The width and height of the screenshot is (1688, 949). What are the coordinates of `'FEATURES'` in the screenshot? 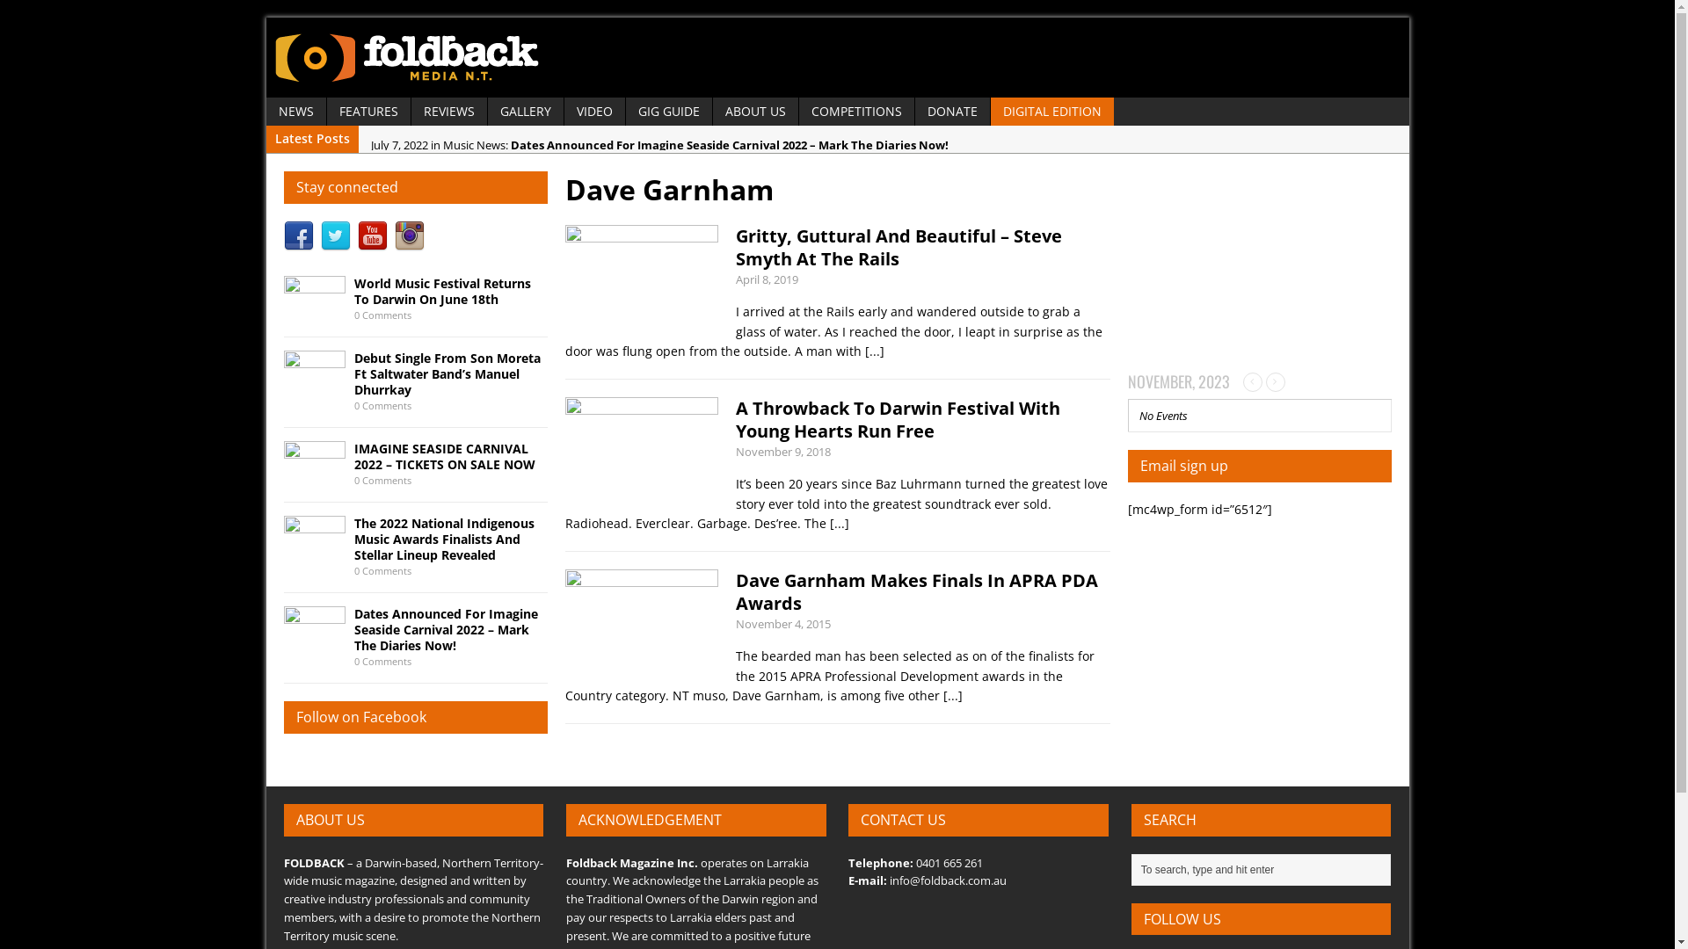 It's located at (367, 112).